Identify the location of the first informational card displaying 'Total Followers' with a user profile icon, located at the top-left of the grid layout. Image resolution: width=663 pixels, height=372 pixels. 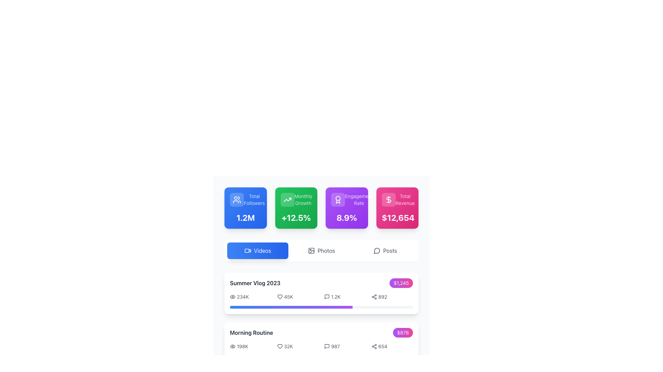
(246, 208).